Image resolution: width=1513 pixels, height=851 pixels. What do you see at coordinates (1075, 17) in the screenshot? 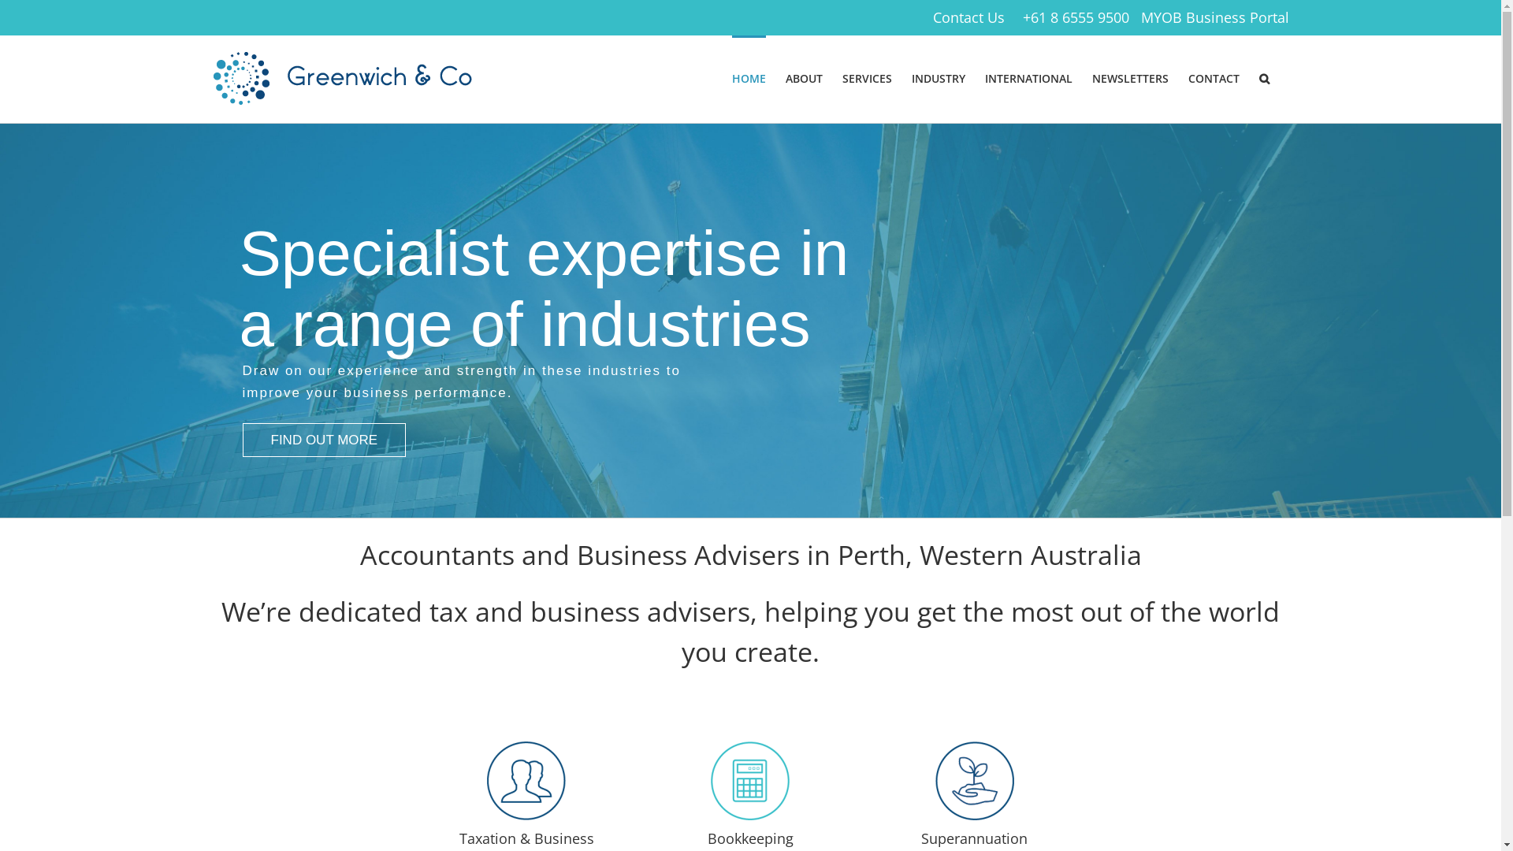
I see `'+61 8 6555 9500'` at bounding box center [1075, 17].